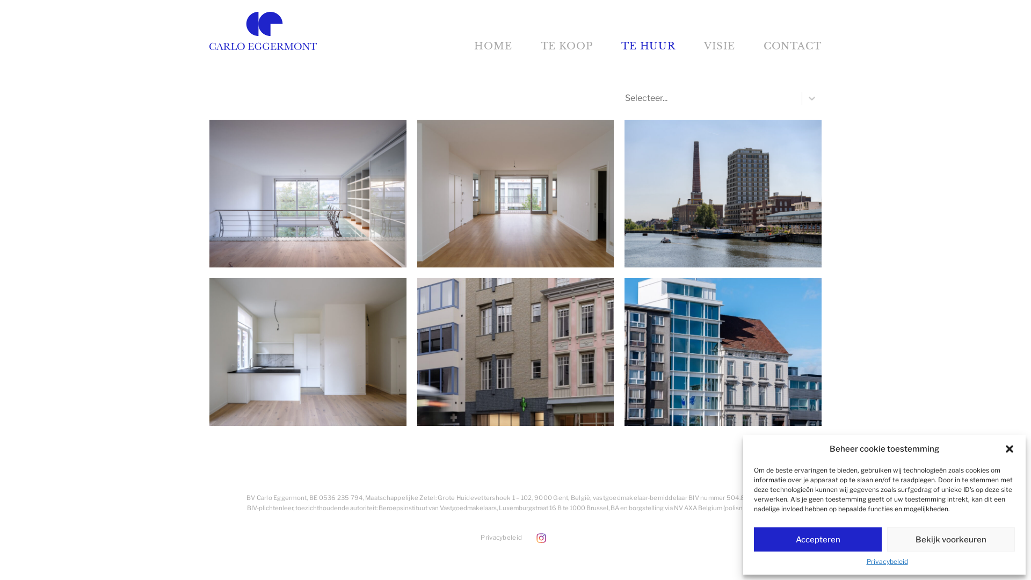  I want to click on 'Privacybeleid', so click(500, 538).